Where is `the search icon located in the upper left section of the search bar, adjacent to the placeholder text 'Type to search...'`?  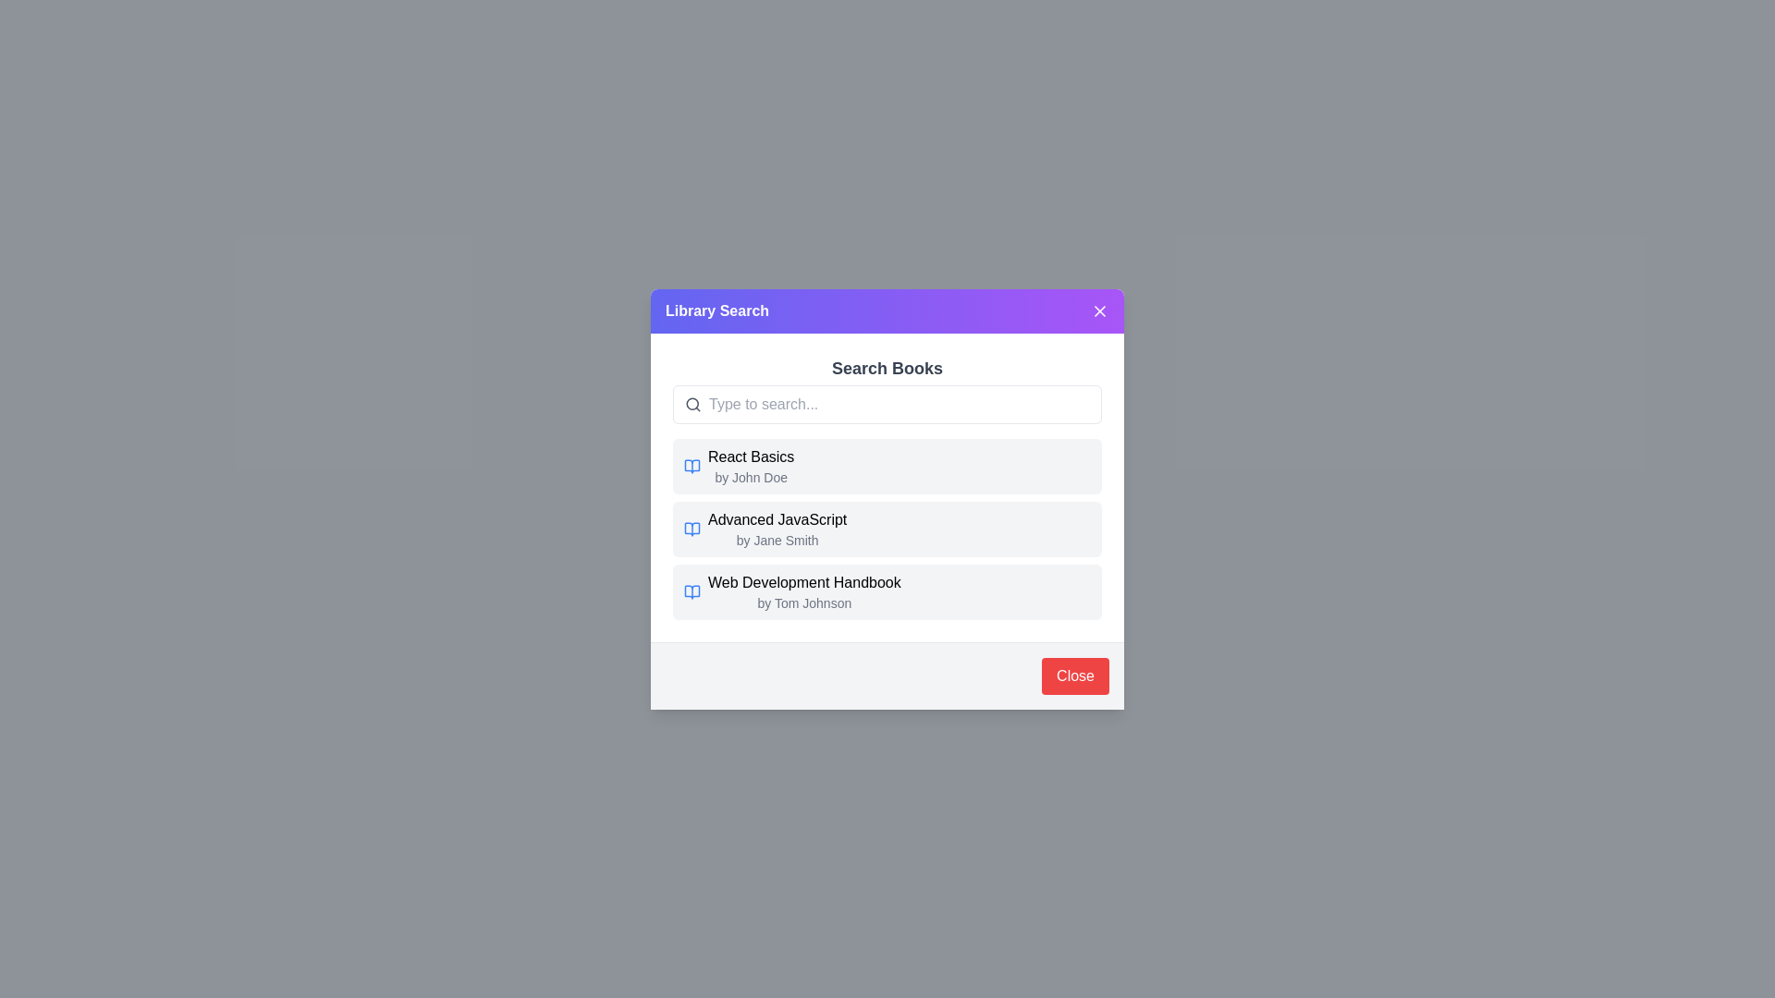 the search icon located in the upper left section of the search bar, adjacent to the placeholder text 'Type to search...' is located at coordinates (692, 403).